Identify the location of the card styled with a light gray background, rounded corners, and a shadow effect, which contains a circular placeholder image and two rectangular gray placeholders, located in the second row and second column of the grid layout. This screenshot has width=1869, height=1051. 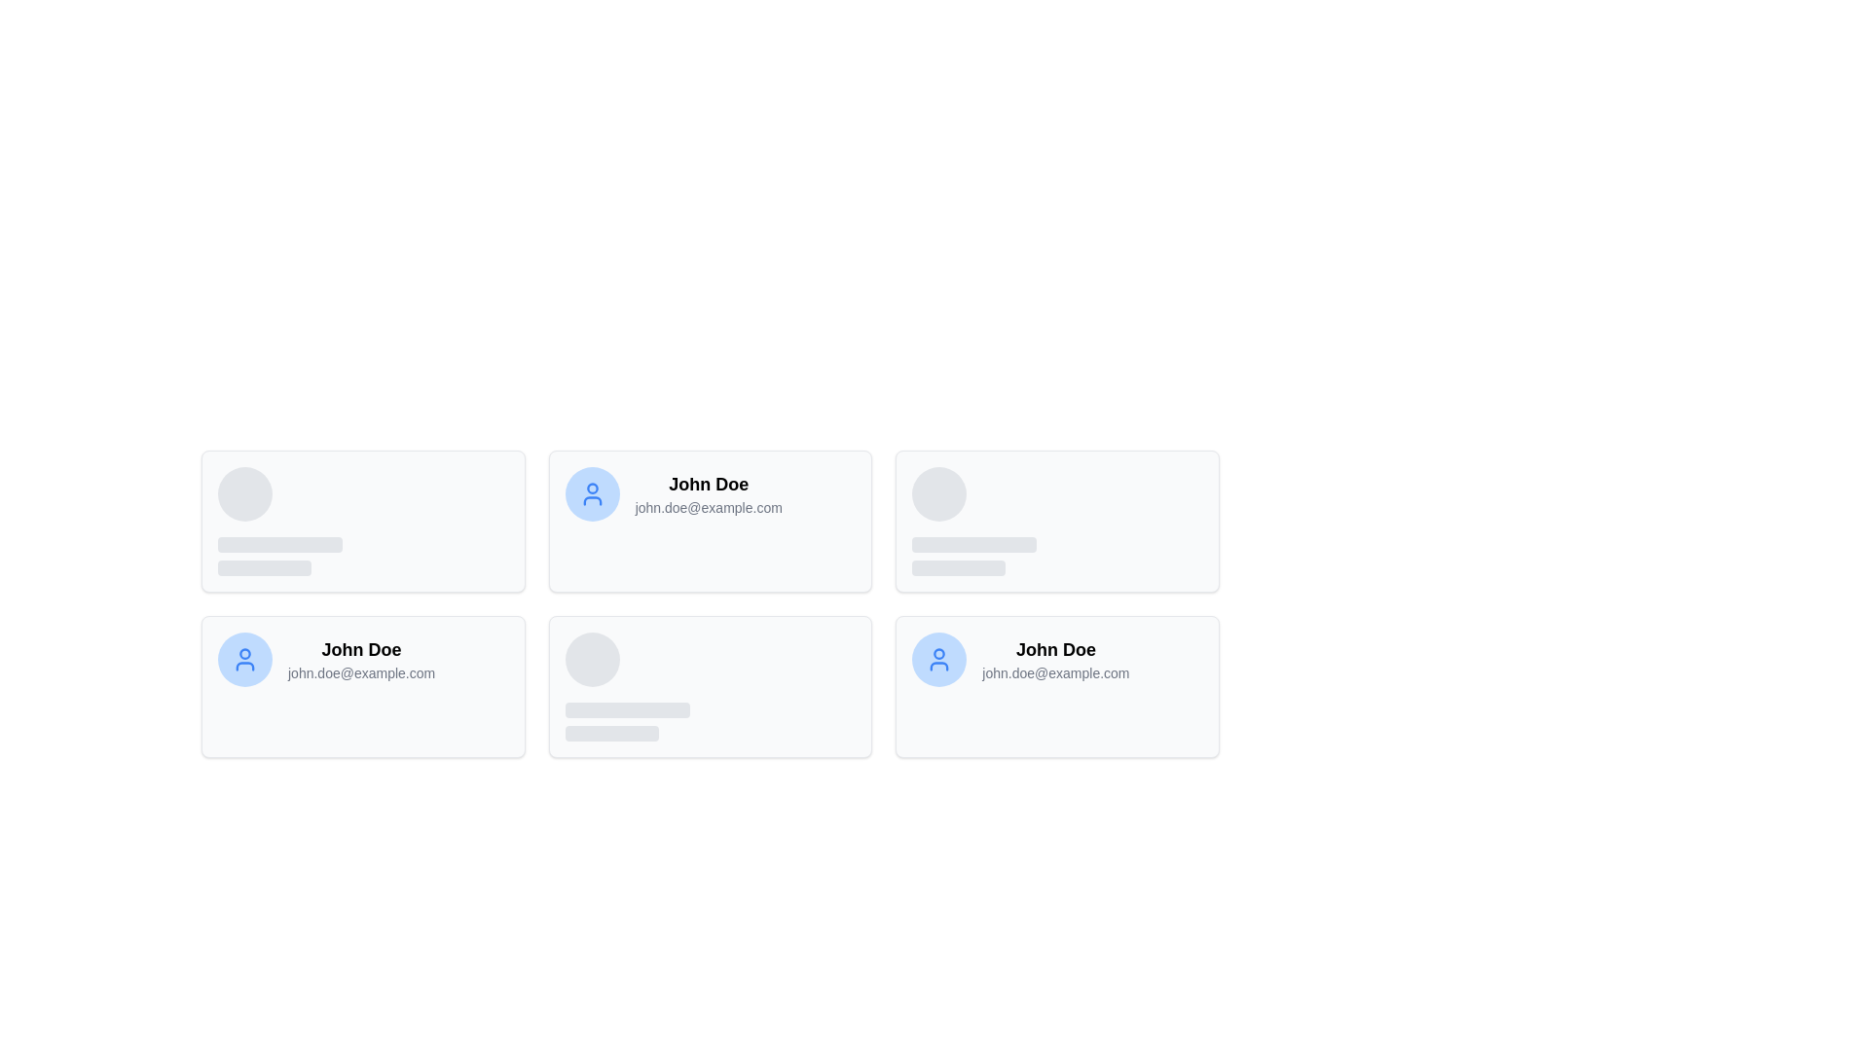
(709, 685).